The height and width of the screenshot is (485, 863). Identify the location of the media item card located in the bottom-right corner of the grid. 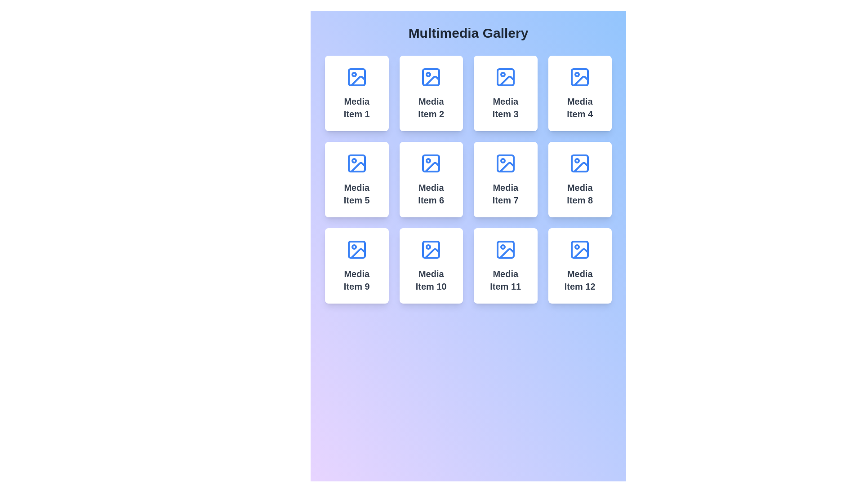
(580, 265).